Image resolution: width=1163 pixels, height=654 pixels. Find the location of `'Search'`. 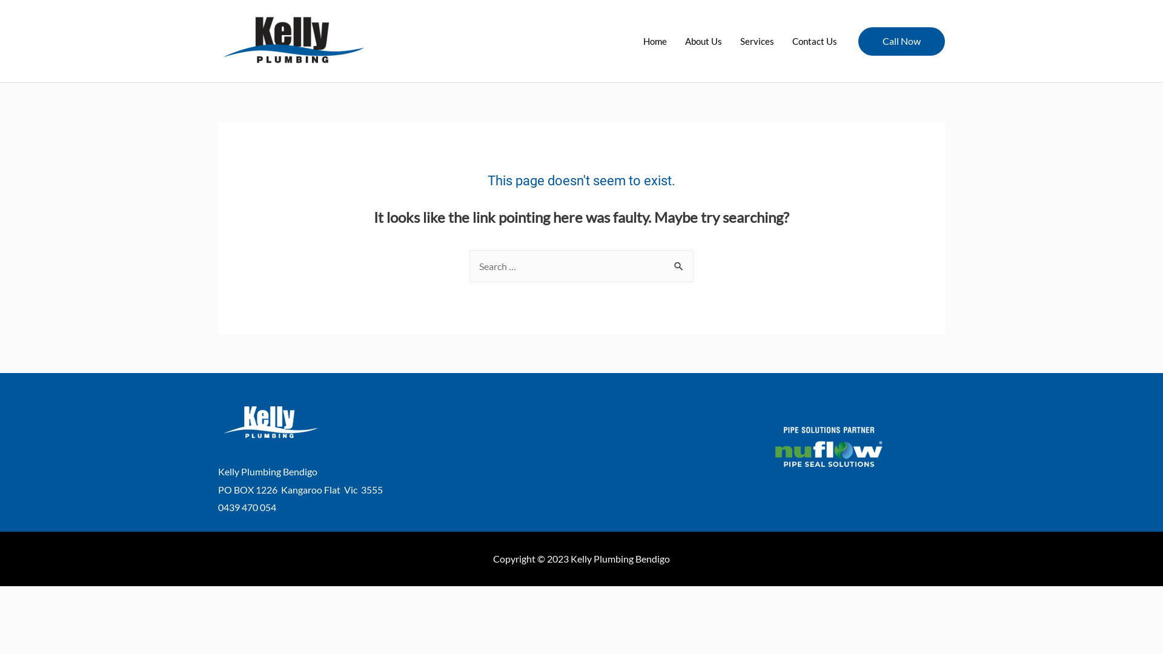

'Search' is located at coordinates (680, 262).